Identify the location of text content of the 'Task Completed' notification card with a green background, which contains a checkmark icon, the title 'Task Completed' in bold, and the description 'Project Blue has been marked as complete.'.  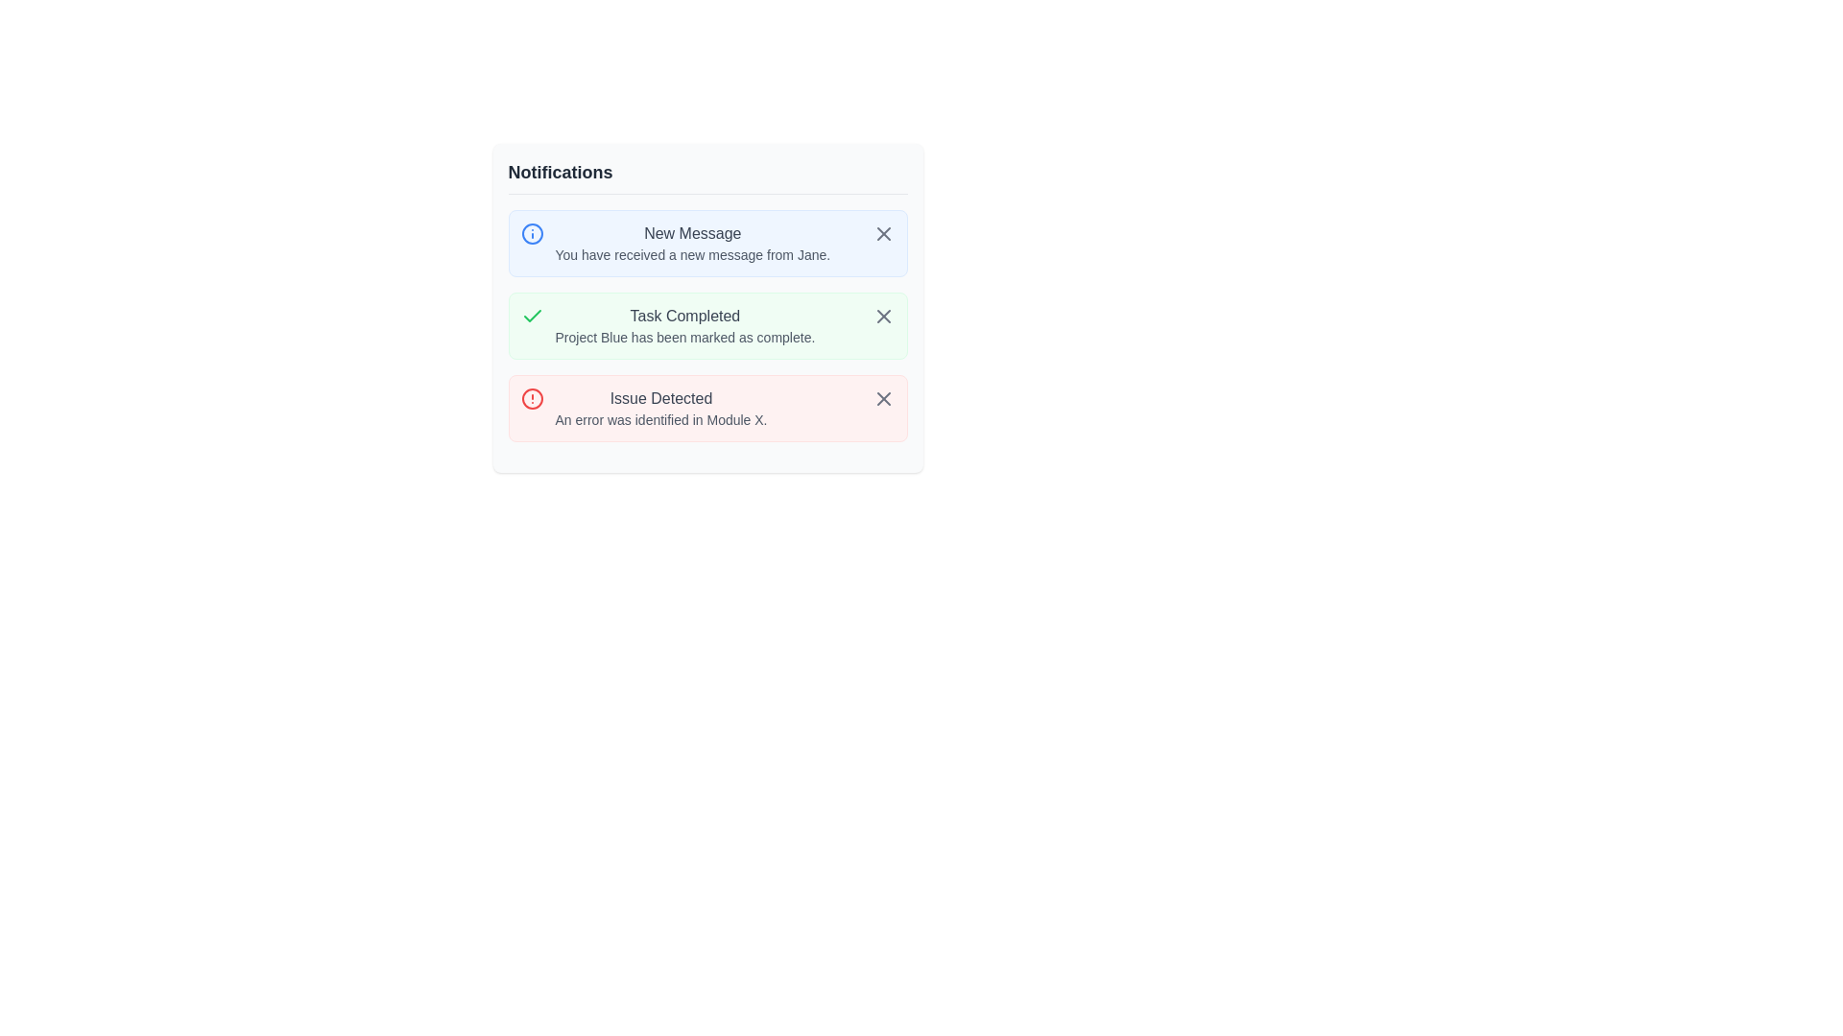
(706, 307).